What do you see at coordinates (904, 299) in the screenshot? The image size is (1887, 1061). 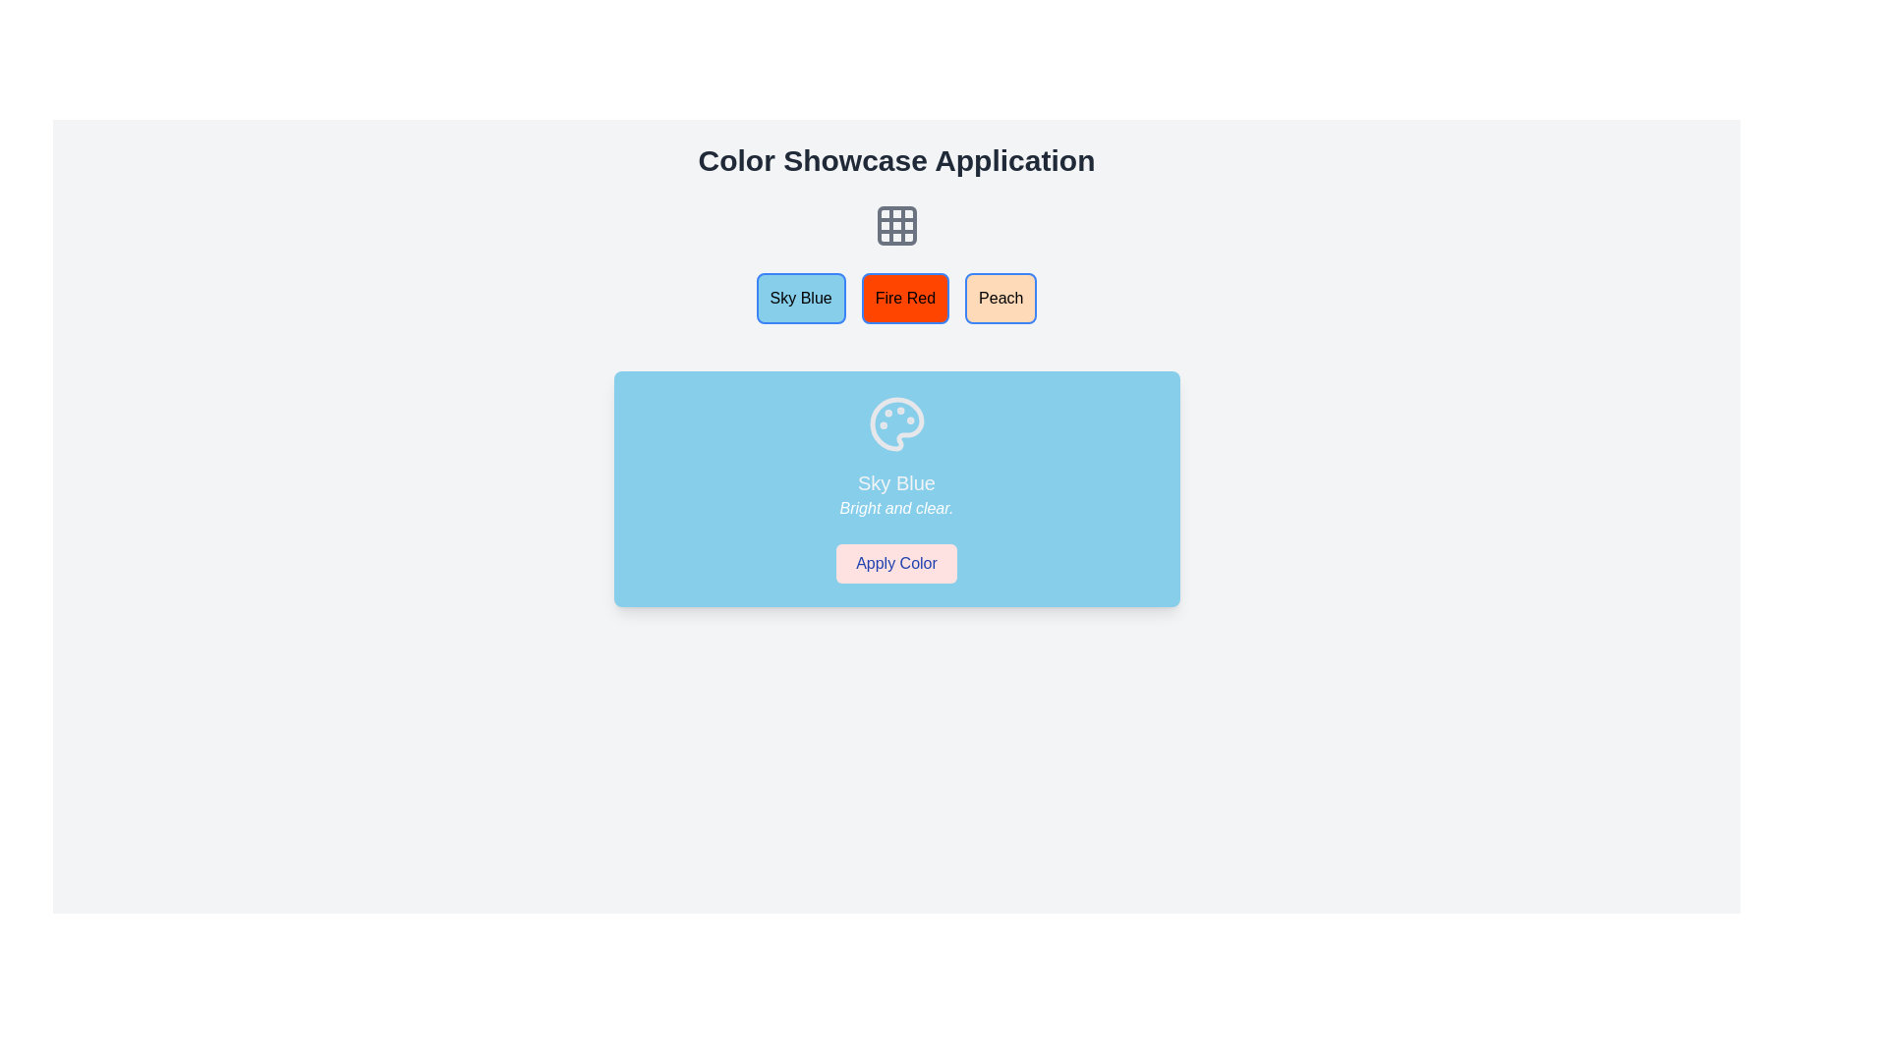 I see `the 'Fire Red' color selector button, which is the second button in a row of three` at bounding box center [904, 299].